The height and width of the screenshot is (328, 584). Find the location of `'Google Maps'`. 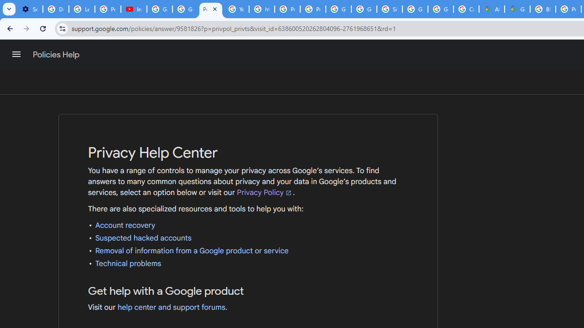

'Google Maps' is located at coordinates (517, 9).